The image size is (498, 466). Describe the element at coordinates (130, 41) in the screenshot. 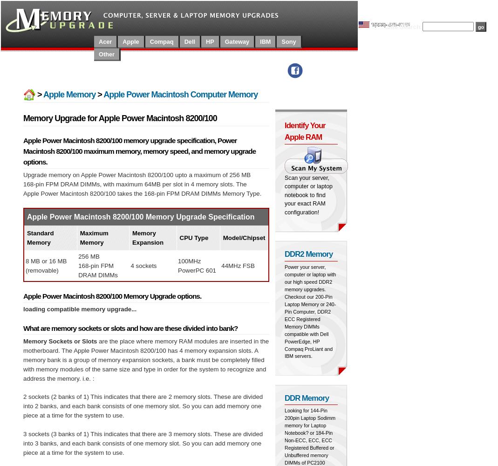

I see `'Apple'` at that location.